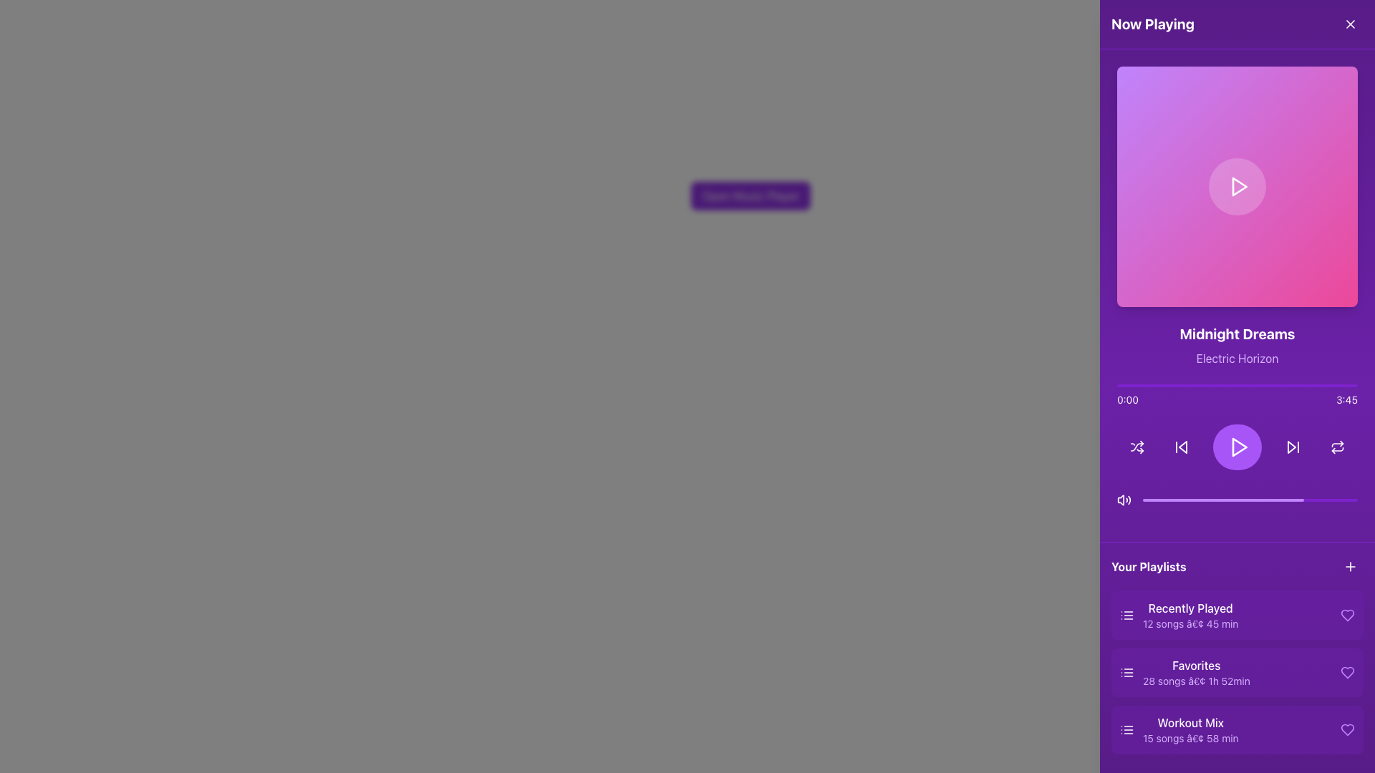 The height and width of the screenshot is (773, 1375). Describe the element at coordinates (1196, 673) in the screenshot. I see `the 'Favorites' list item, which has a bold title and a purple background` at that location.